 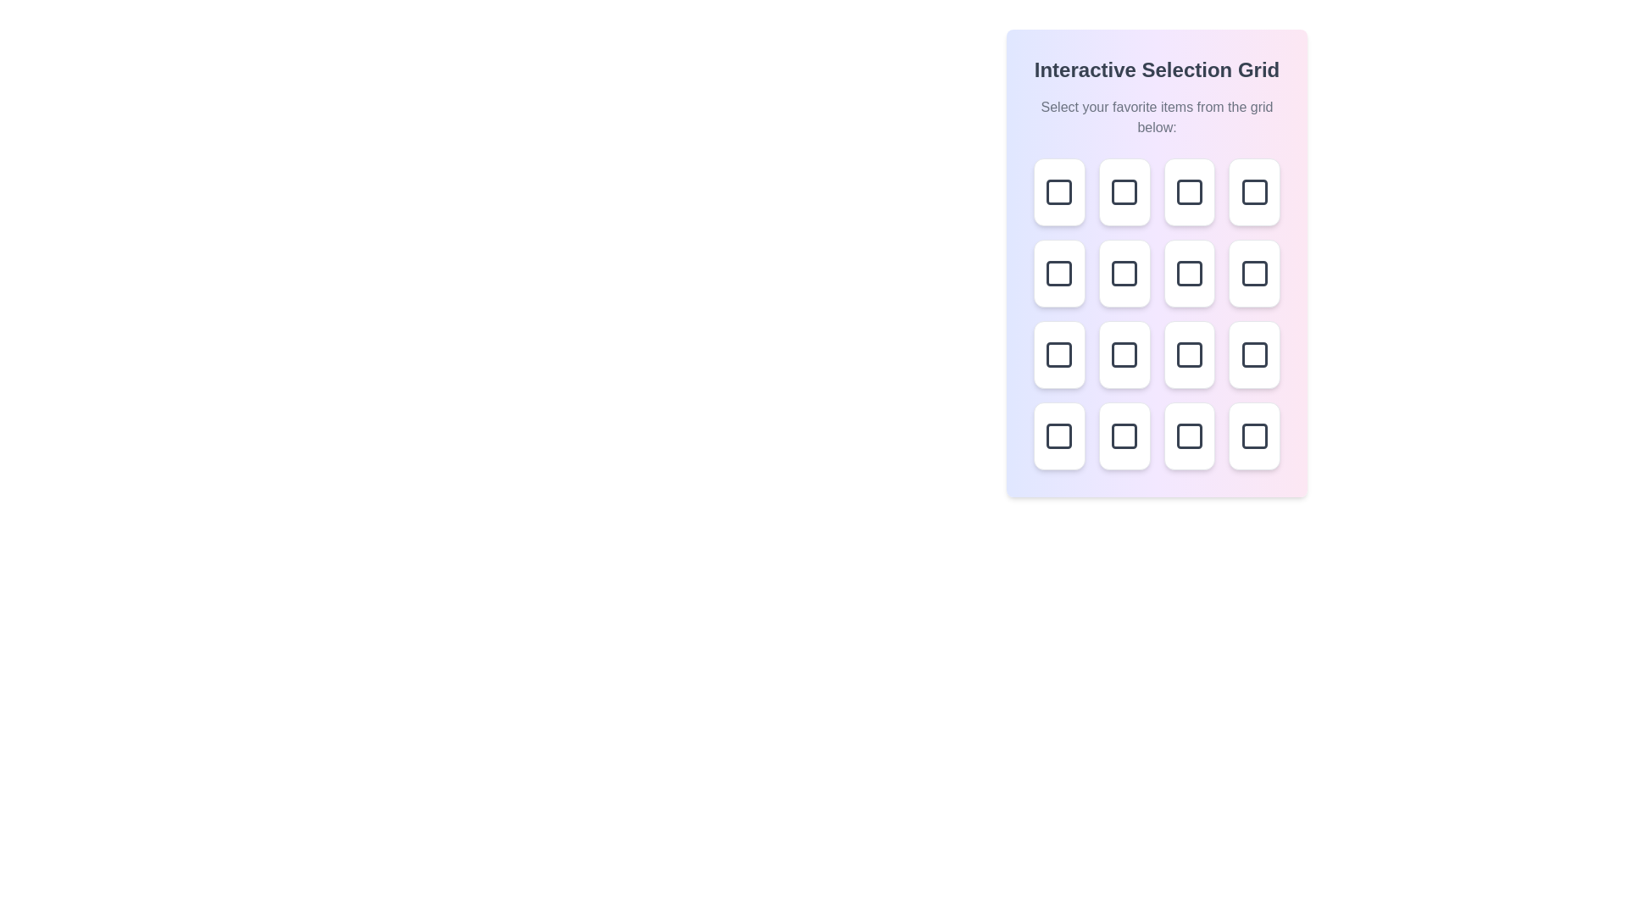 I want to click on the smaller square with rounded corners located in the third row, second column of a grid layout, so click(x=1124, y=354).